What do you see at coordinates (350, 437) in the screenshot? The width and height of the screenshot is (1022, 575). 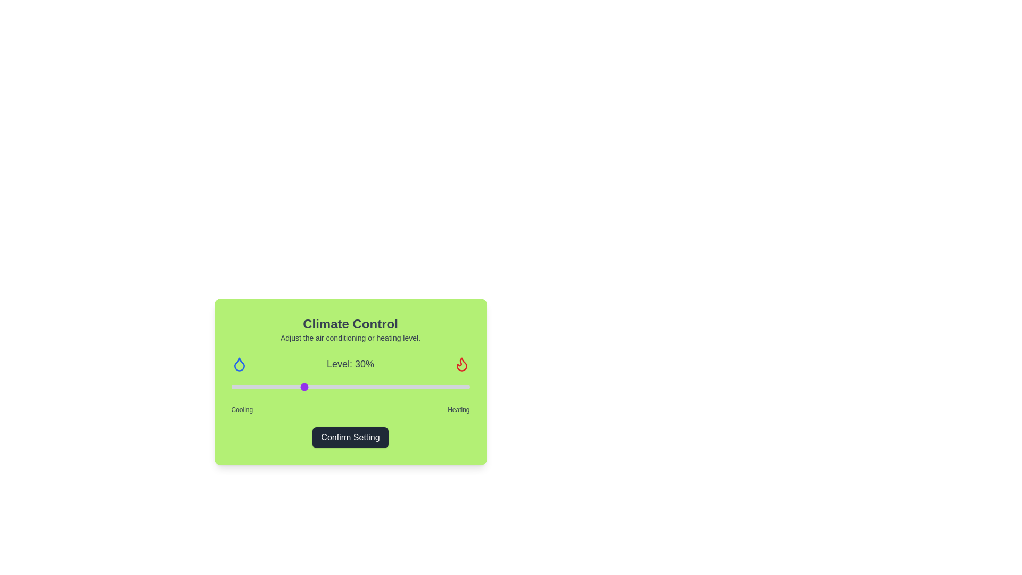 I see `the 'Confirm Setting' button` at bounding box center [350, 437].